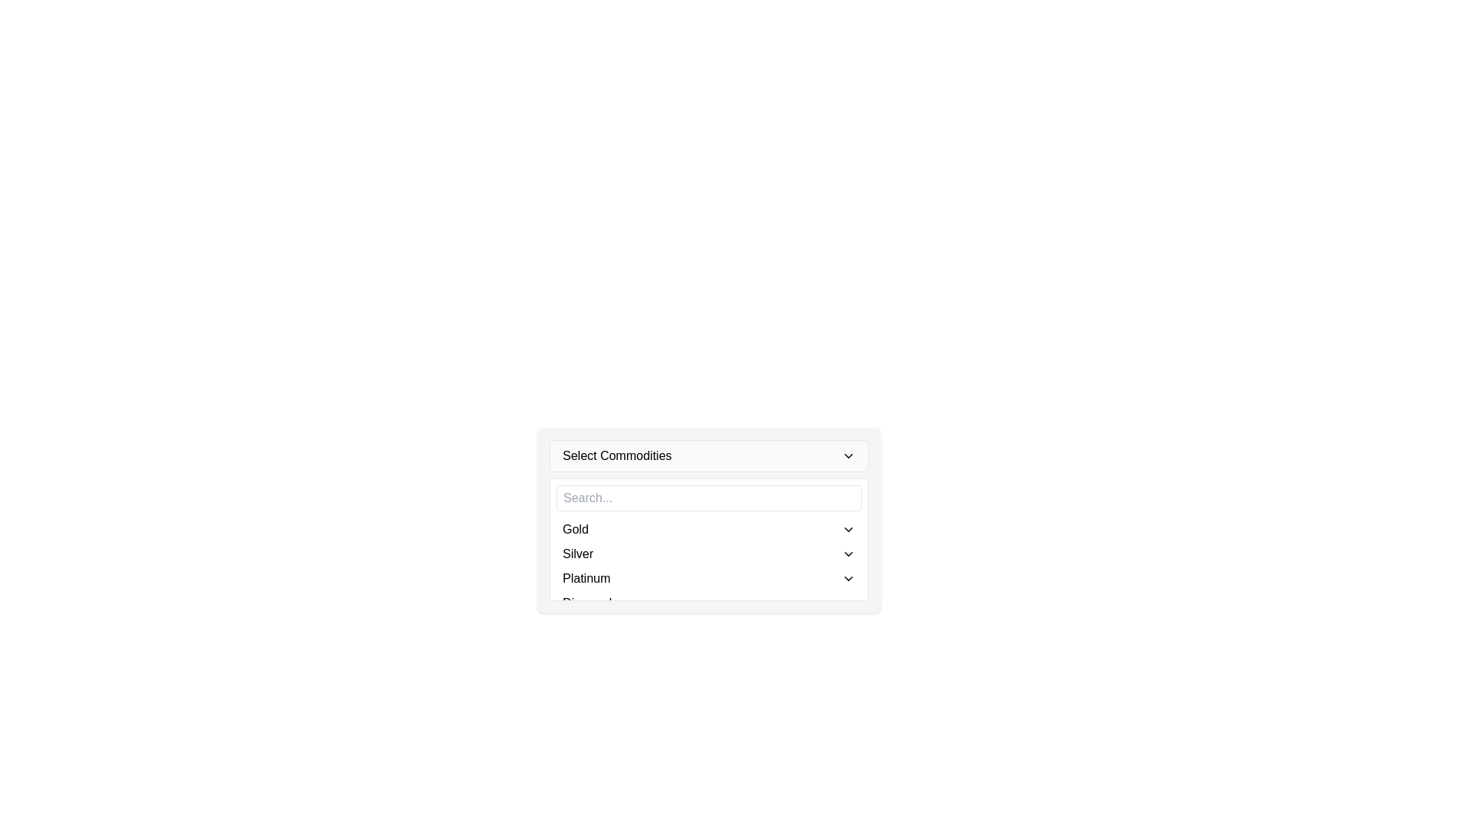  Describe the element at coordinates (577, 554) in the screenshot. I see `the text label displaying the word 'Silver'` at that location.